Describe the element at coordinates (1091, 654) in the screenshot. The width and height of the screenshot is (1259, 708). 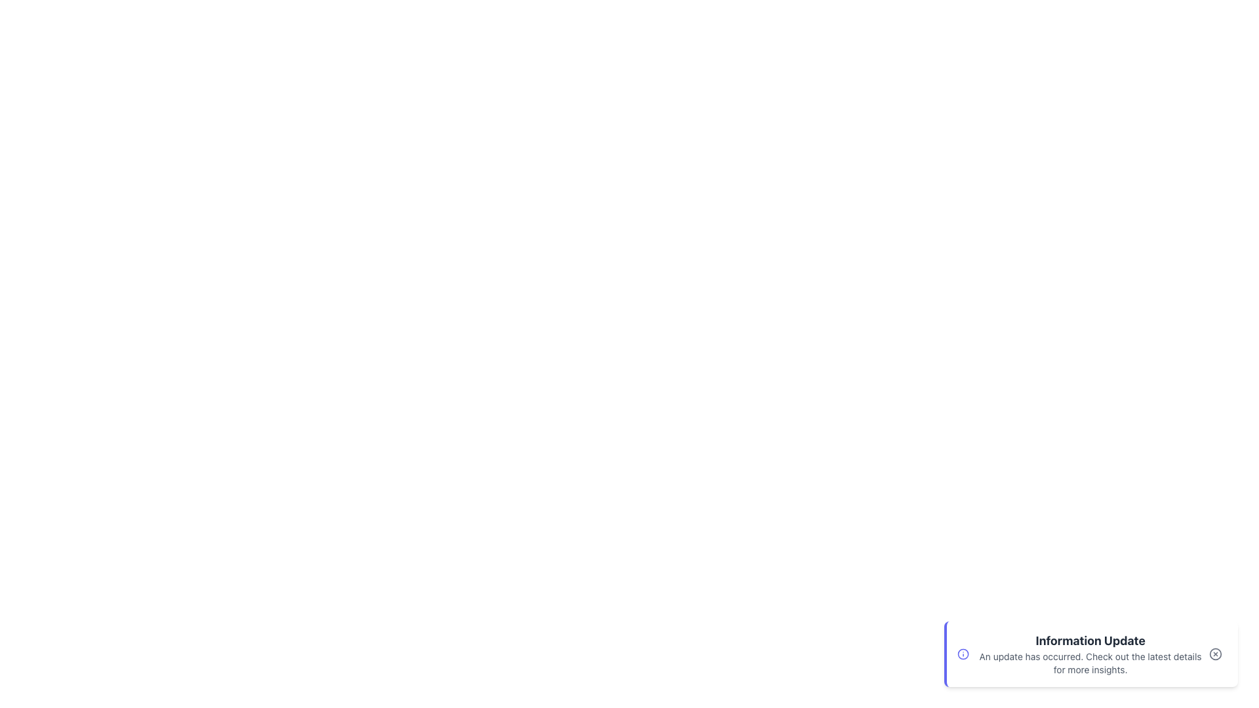
I see `contents of the notification box located in the bottom-right corner of the application's interface` at that location.